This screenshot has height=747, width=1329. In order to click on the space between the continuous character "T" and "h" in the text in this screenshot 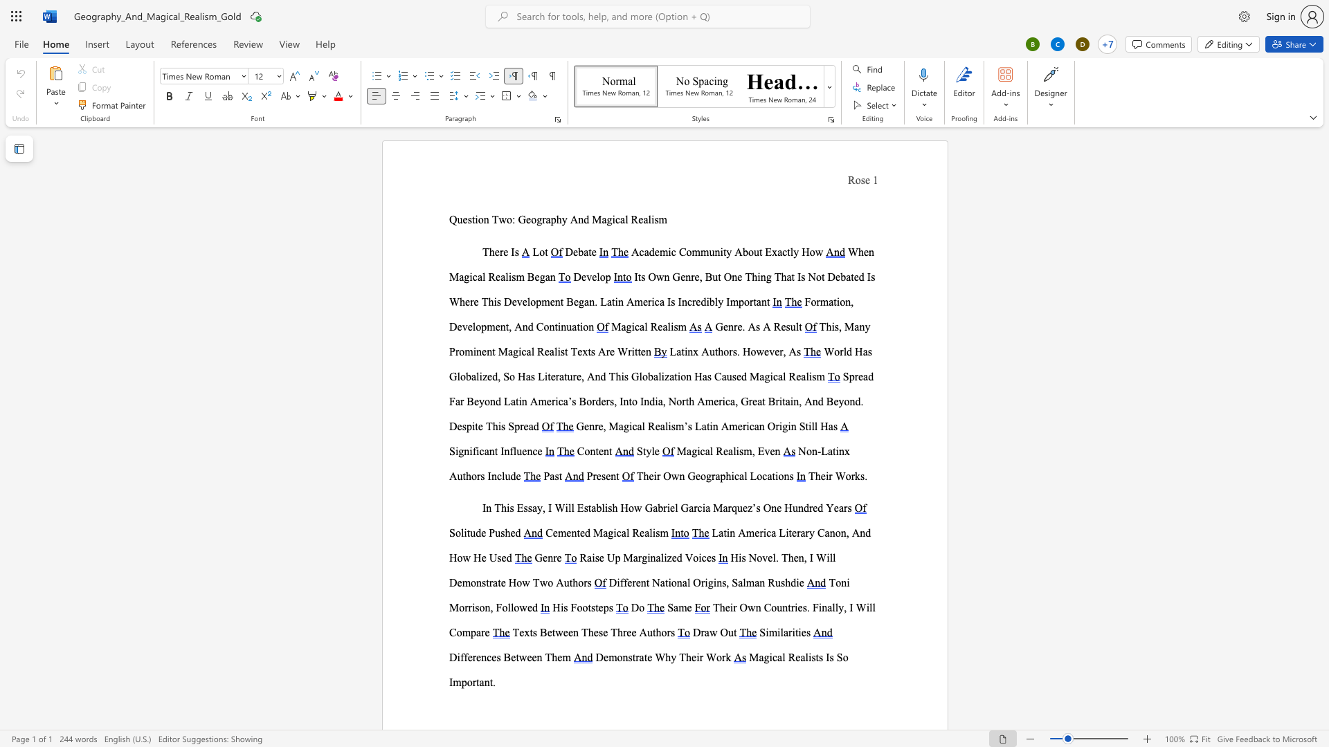, I will do `click(614, 376)`.